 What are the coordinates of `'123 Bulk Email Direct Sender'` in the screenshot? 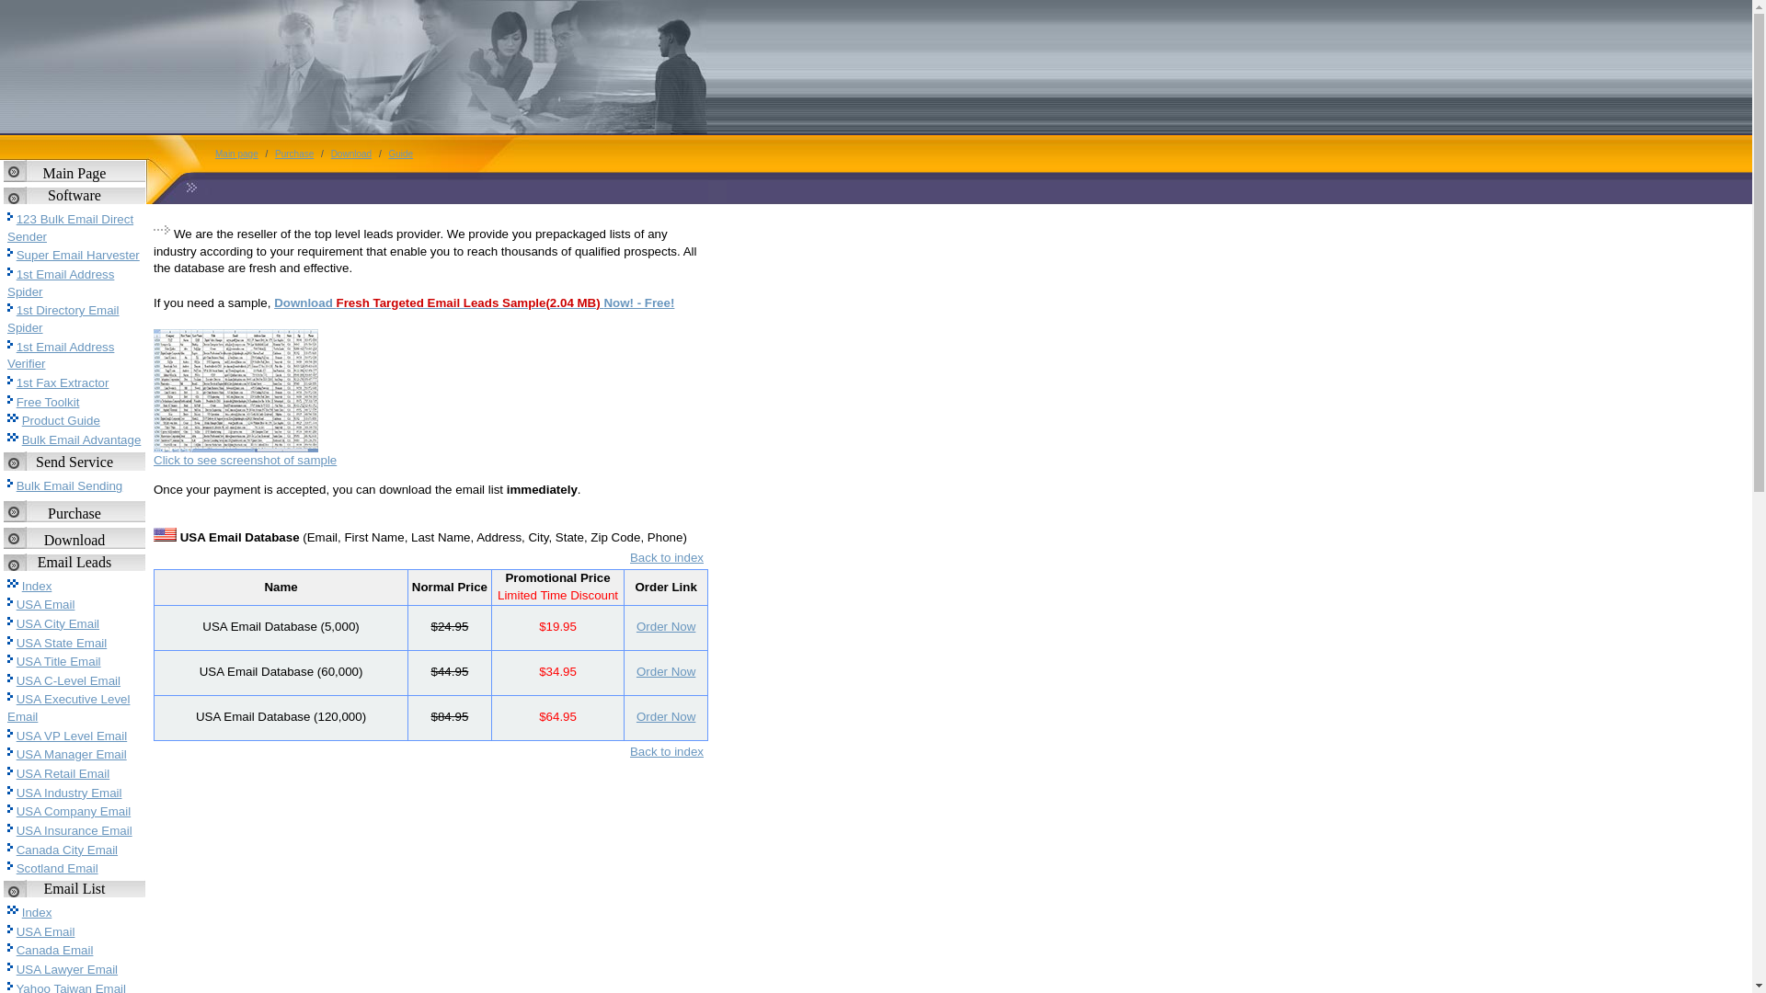 It's located at (70, 226).